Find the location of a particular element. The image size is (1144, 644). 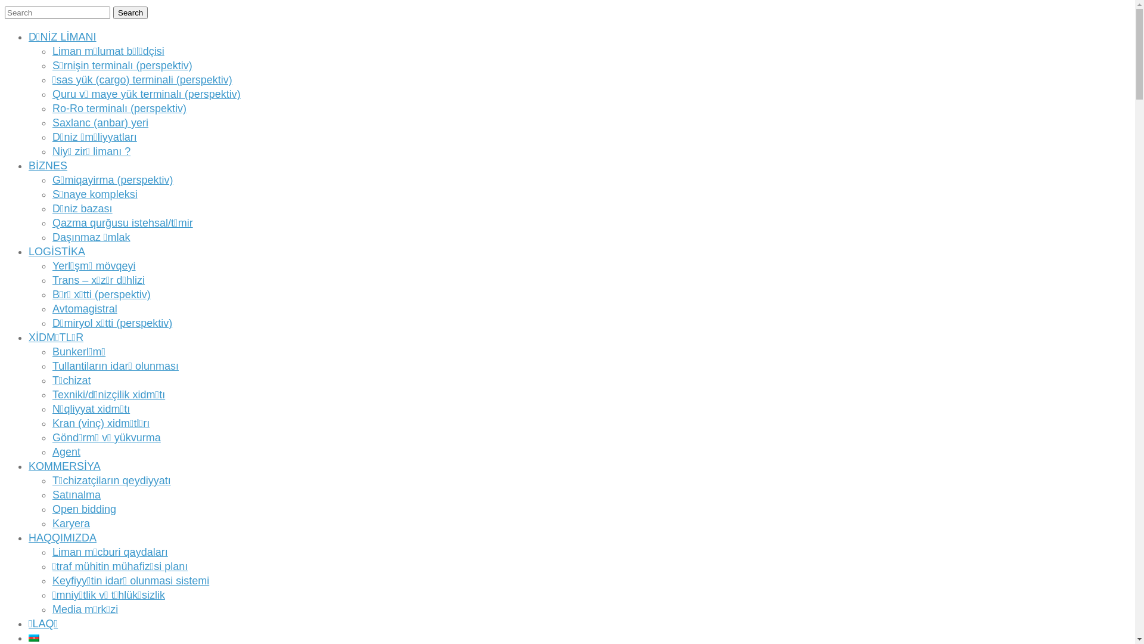

'HAQQIMIZDA' is located at coordinates (62, 538).